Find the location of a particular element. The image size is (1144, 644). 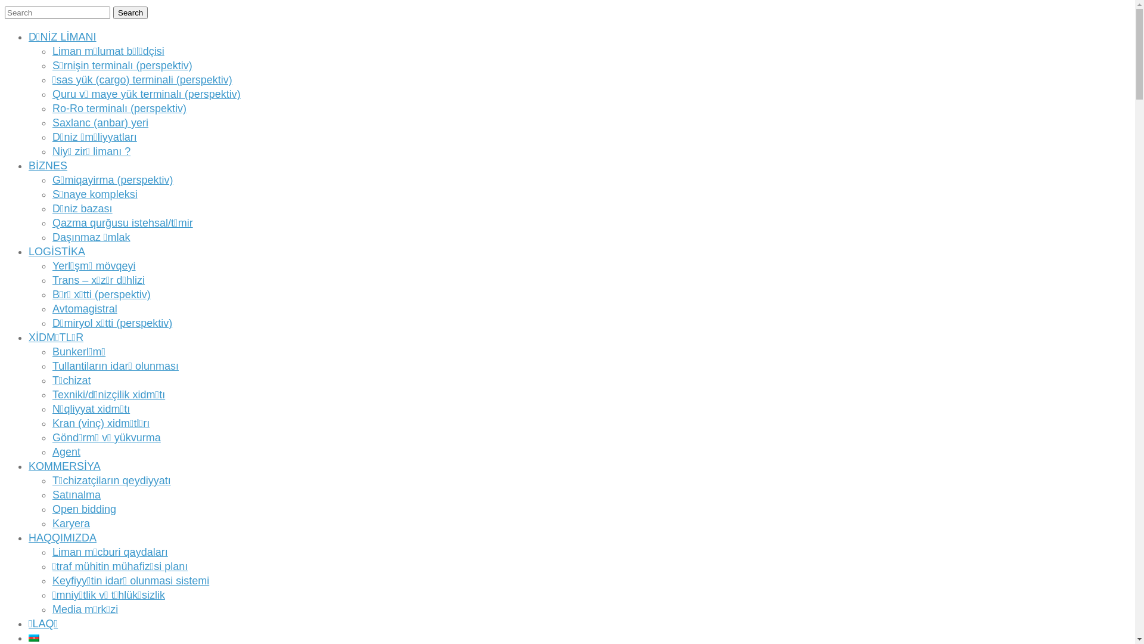

'HAQQIMIZDA' is located at coordinates (62, 538).